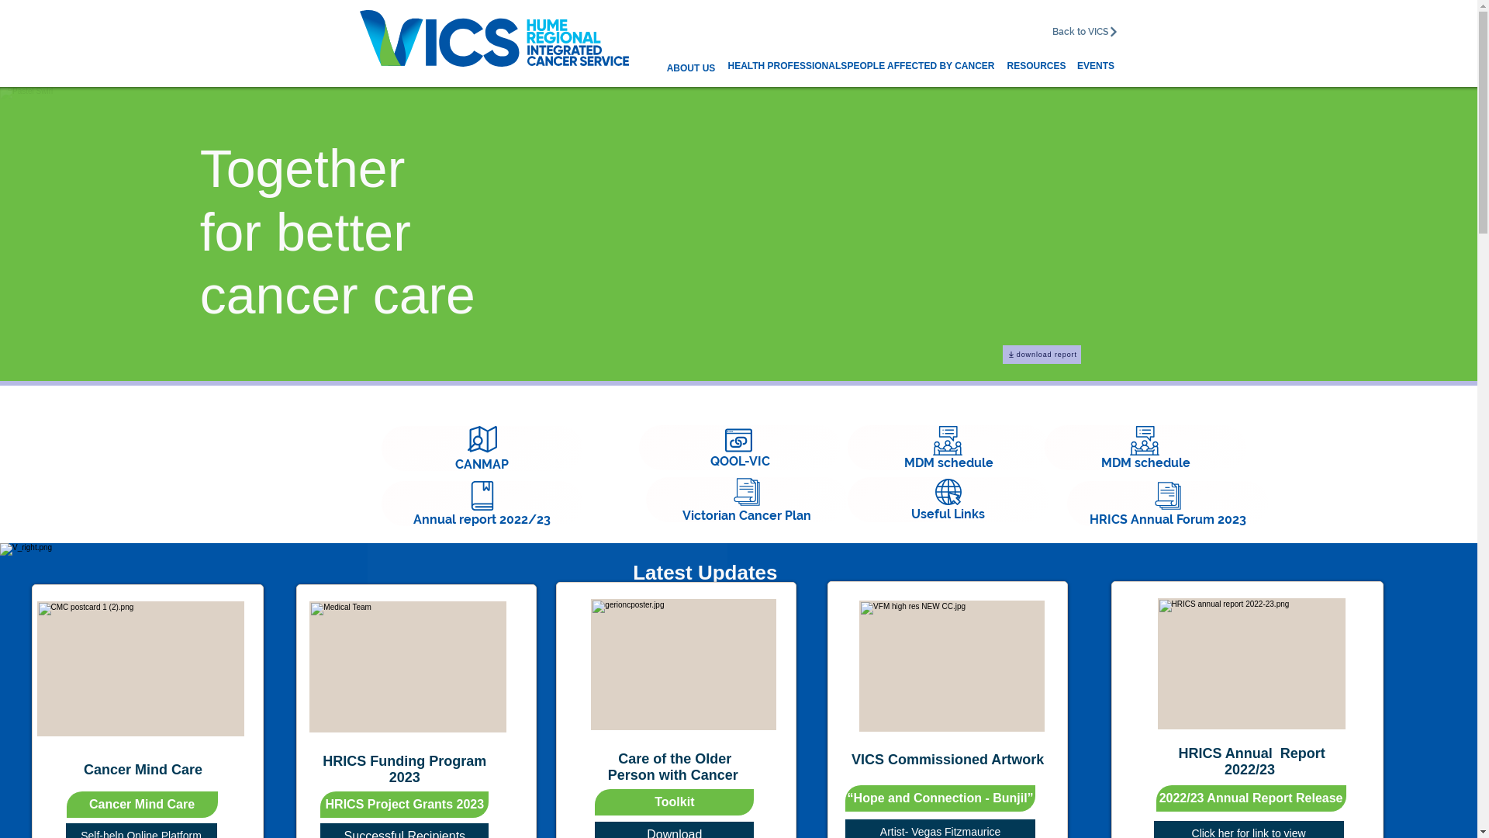 The image size is (1489, 838). What do you see at coordinates (142, 804) in the screenshot?
I see `'Cancer Mind Care'` at bounding box center [142, 804].